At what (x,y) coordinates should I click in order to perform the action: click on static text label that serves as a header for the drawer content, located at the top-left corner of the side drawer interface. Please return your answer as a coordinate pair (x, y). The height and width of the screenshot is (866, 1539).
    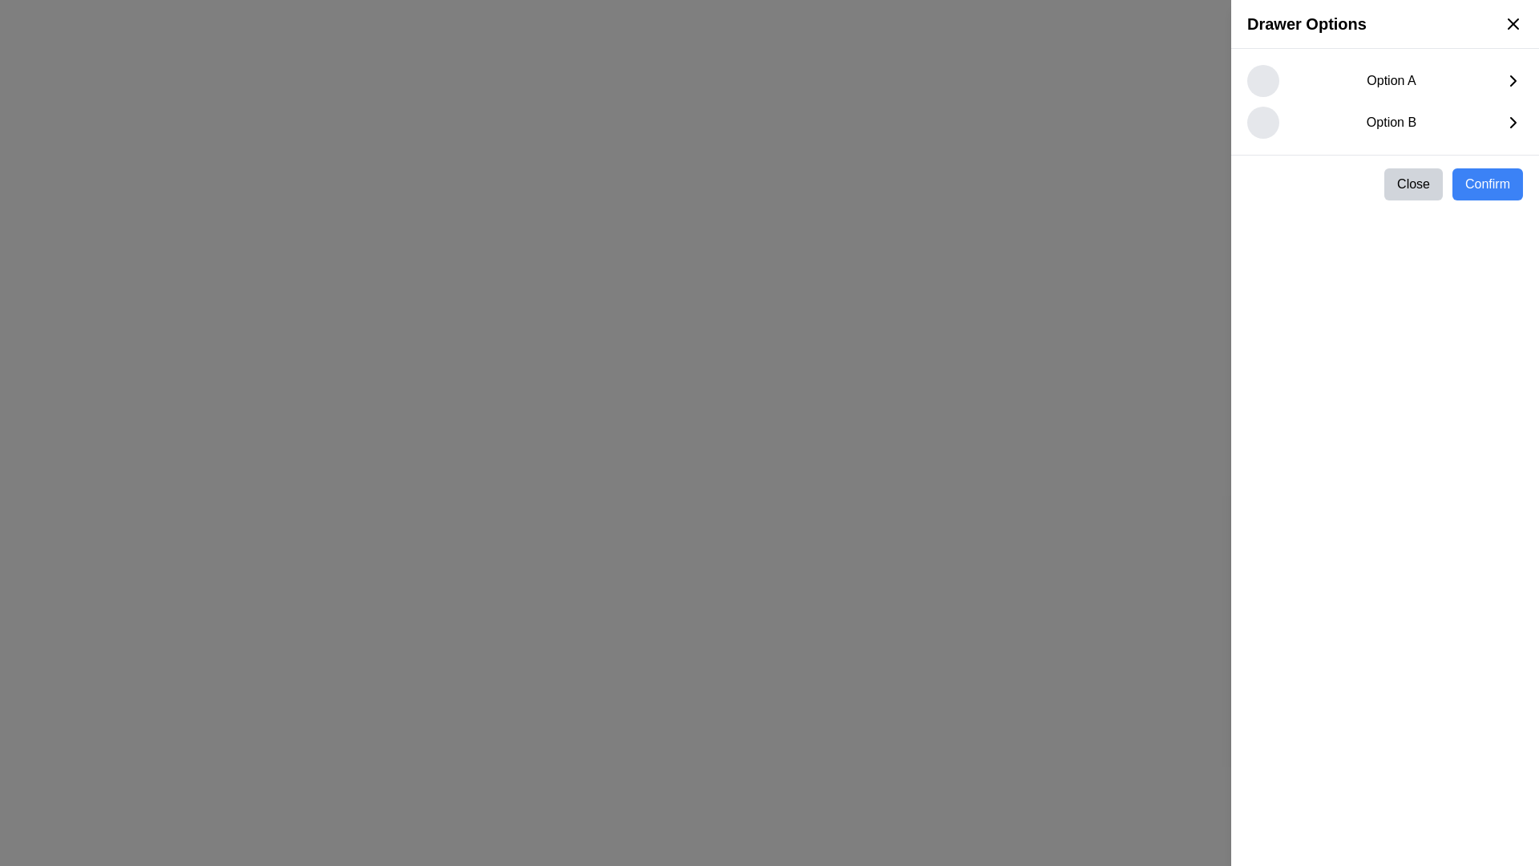
    Looking at the image, I should click on (1307, 24).